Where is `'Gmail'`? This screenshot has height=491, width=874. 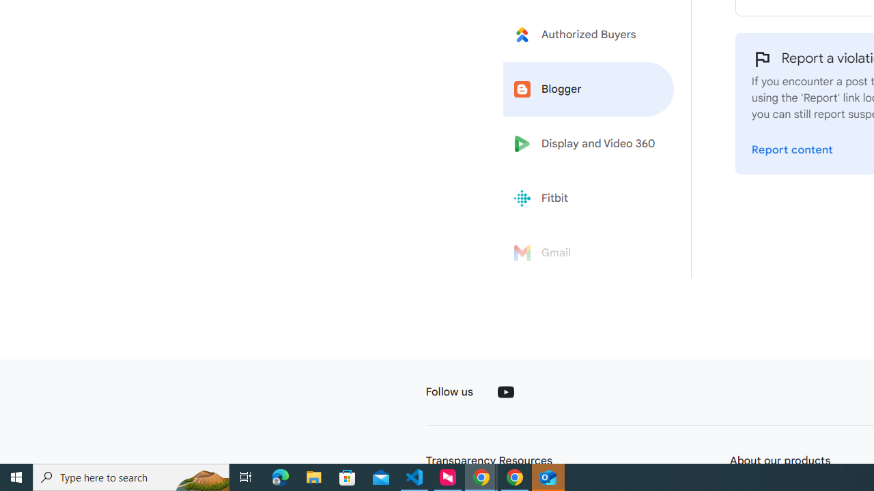
'Gmail' is located at coordinates (589, 253).